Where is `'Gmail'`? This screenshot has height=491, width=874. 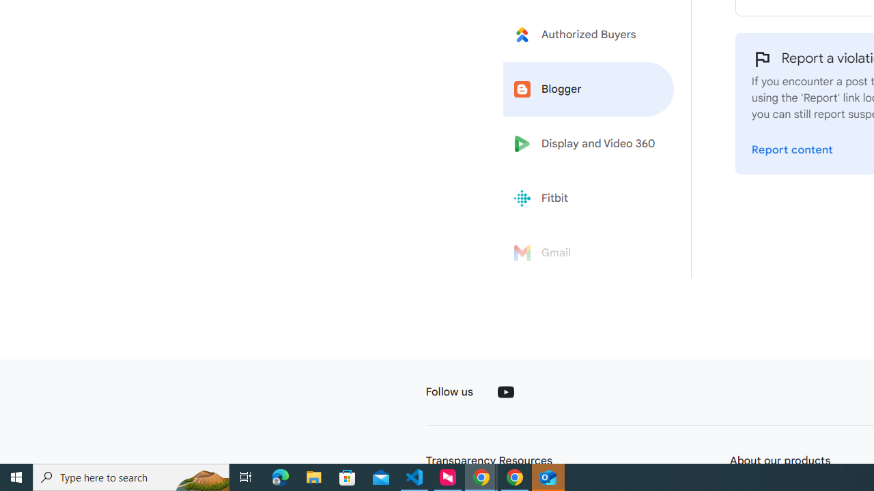
'Gmail' is located at coordinates (589, 253).